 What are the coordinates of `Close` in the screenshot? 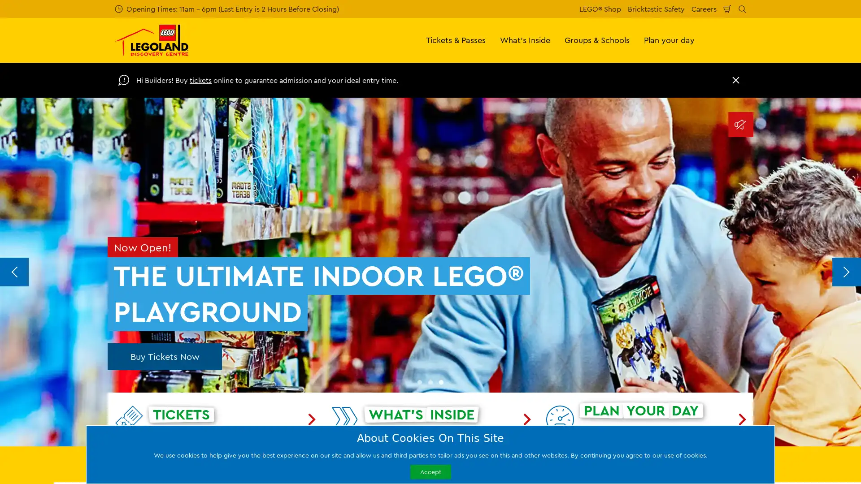 It's located at (736, 79).